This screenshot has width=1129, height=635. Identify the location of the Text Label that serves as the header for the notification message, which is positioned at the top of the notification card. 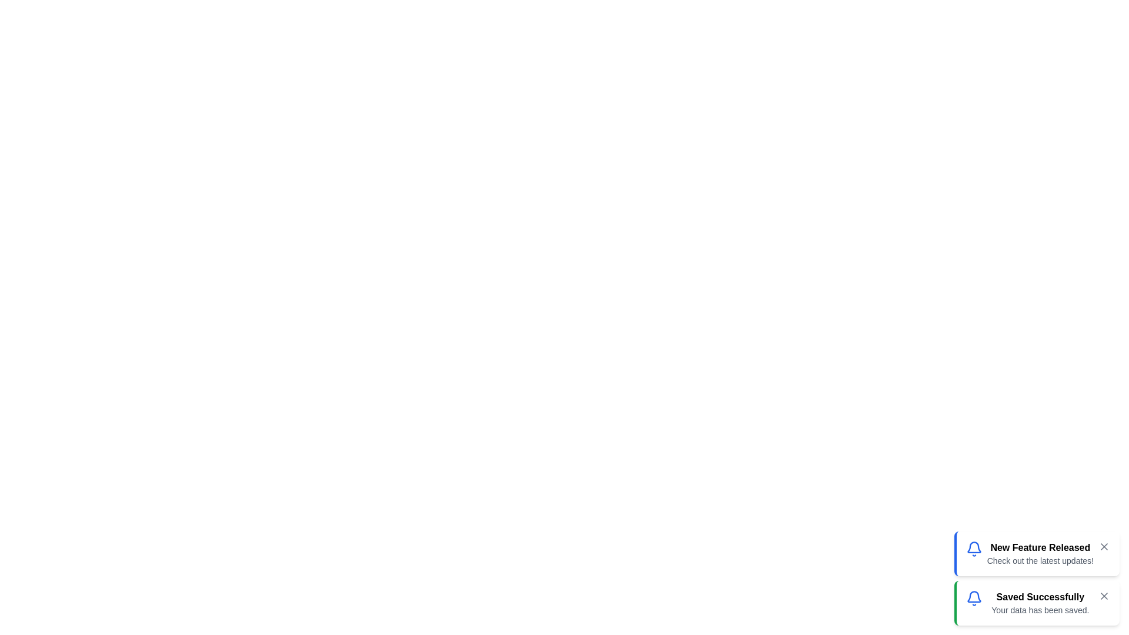
(1040, 548).